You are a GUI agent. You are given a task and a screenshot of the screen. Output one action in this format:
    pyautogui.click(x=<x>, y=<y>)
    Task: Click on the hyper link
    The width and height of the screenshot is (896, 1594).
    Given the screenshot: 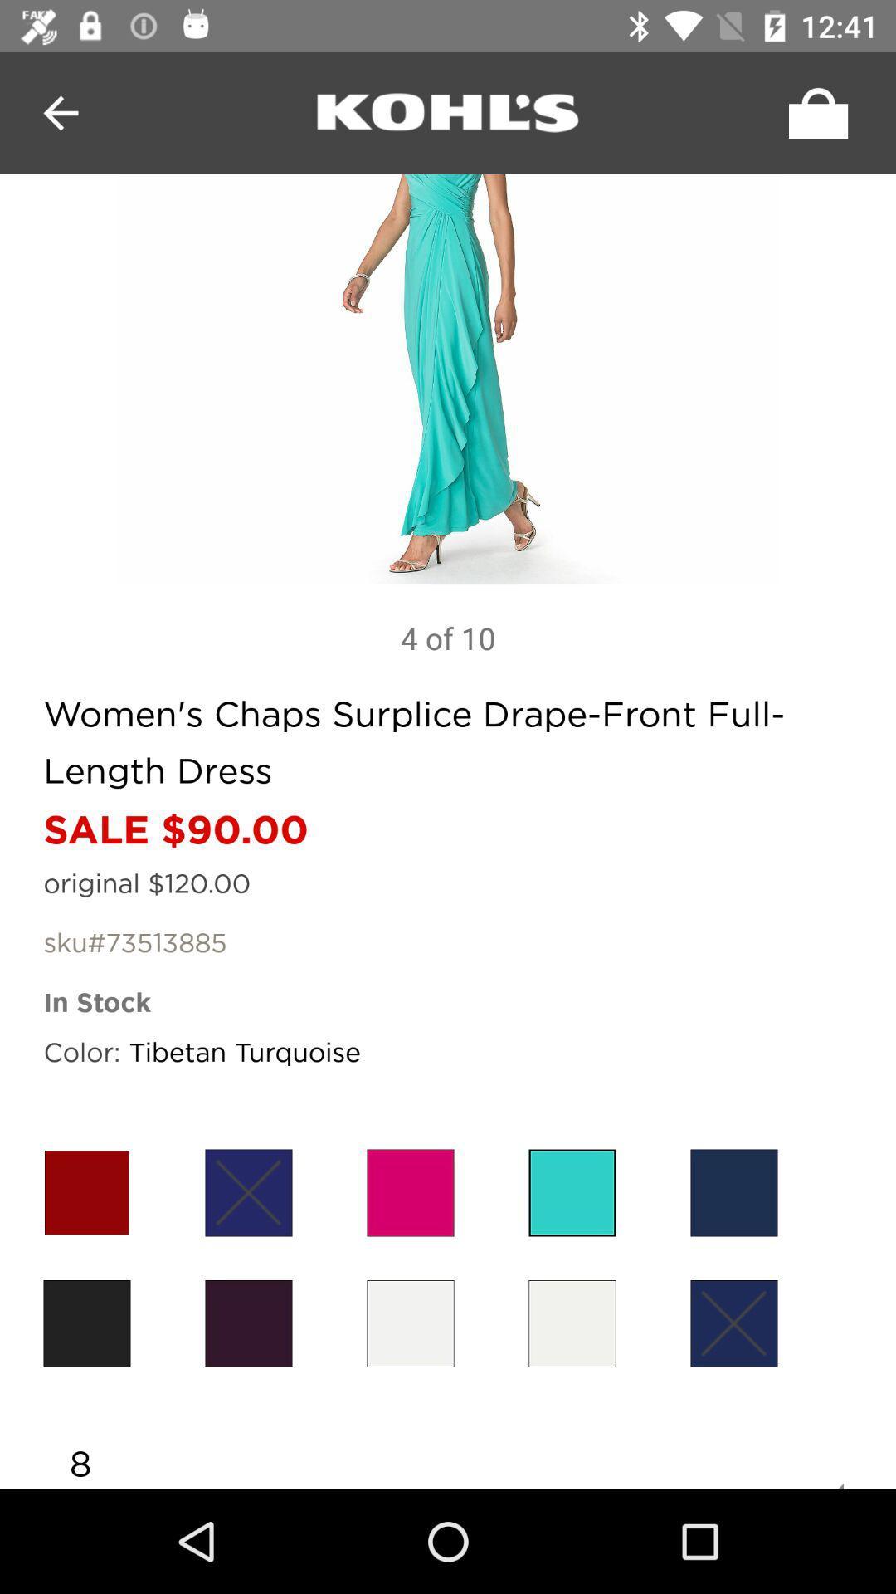 What is the action you would take?
    pyautogui.click(x=448, y=112)
    